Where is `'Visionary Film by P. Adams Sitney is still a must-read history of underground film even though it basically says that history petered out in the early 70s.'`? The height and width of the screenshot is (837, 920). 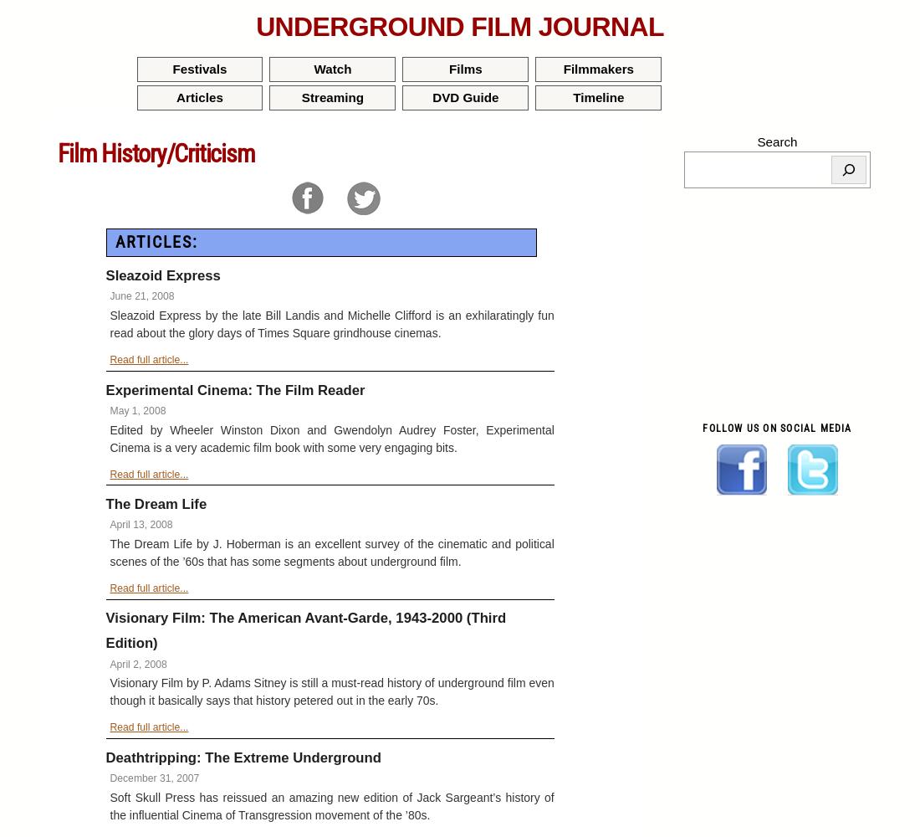 'Visionary Film by P. Adams Sitney is still a must-read history of underground film even though it basically says that history petered out in the early 70s.' is located at coordinates (331, 691).